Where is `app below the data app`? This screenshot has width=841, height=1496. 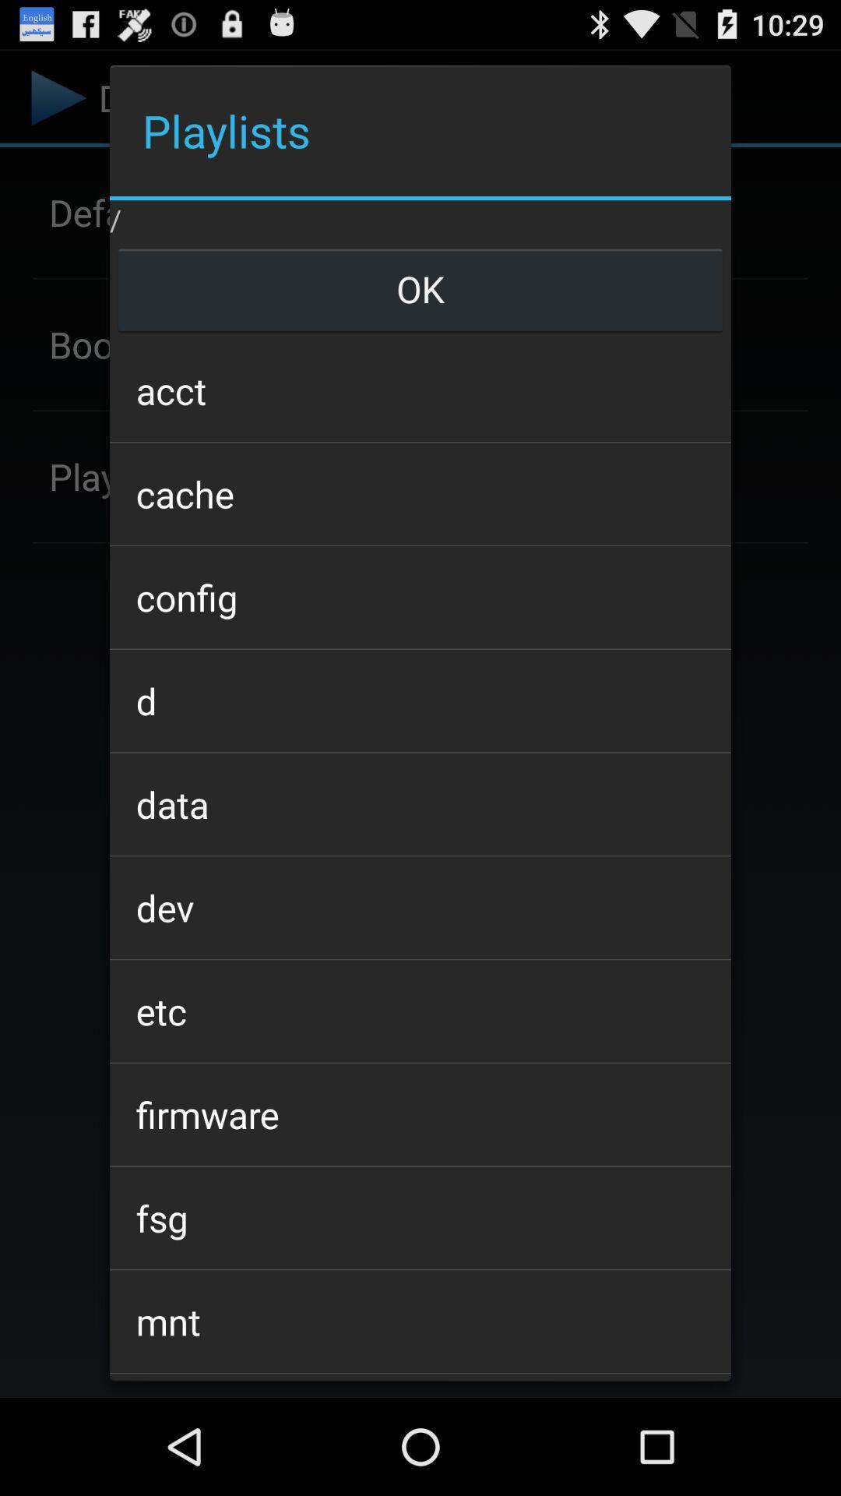 app below the data app is located at coordinates (420, 908).